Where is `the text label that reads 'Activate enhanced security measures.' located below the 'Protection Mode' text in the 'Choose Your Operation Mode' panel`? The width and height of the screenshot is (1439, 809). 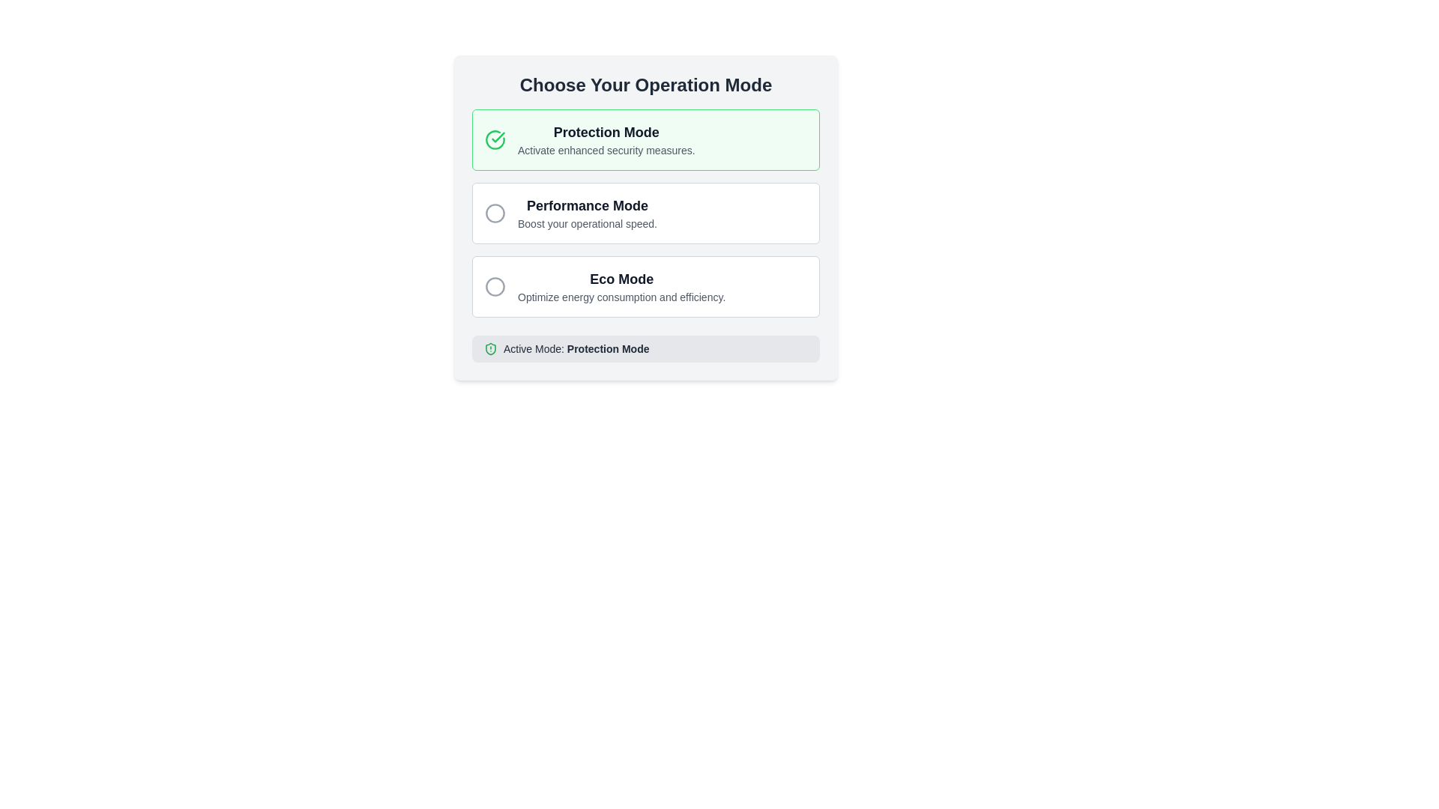 the text label that reads 'Activate enhanced security measures.' located below the 'Protection Mode' text in the 'Choose Your Operation Mode' panel is located at coordinates (606, 150).